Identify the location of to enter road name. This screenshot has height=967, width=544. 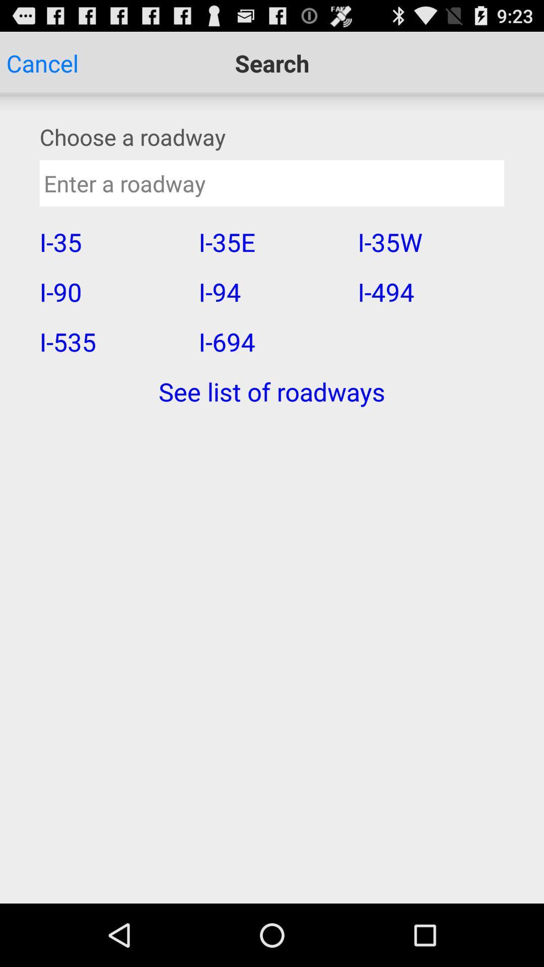
(272, 183).